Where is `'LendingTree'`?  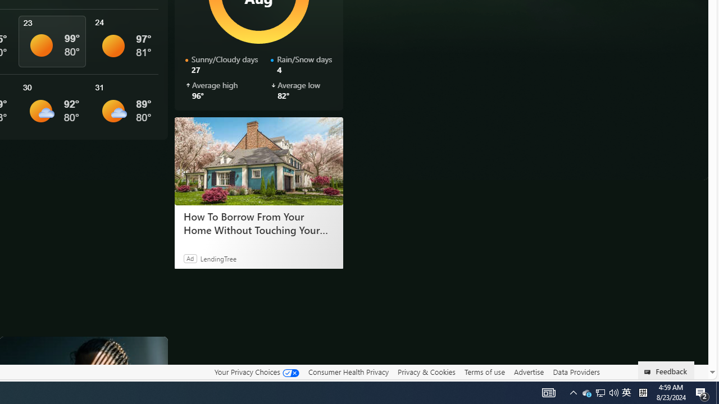 'LendingTree' is located at coordinates (218, 258).